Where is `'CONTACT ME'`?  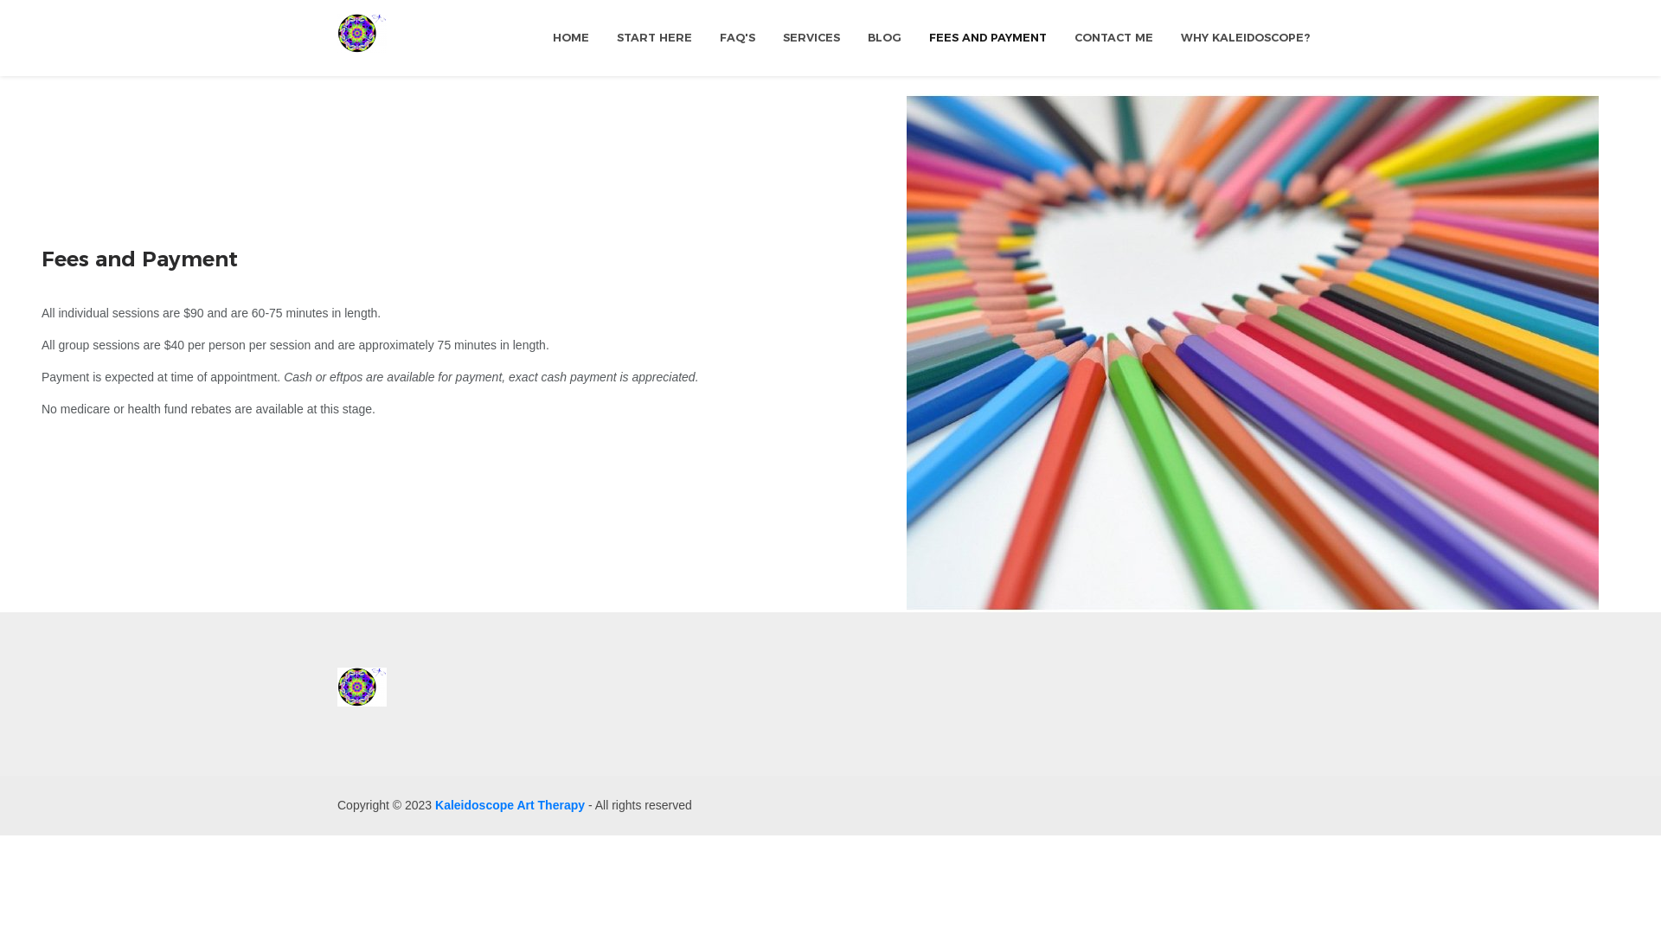 'CONTACT ME' is located at coordinates (1113, 37).